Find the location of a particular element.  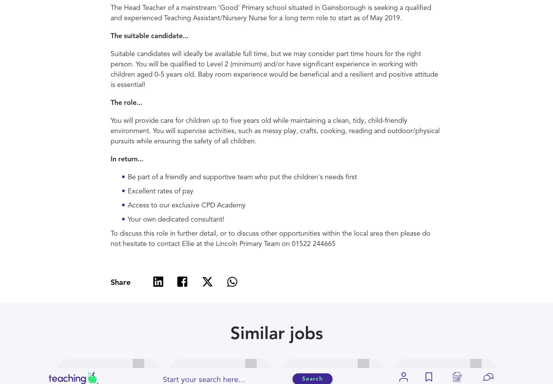

'Client Privacy Notice' is located at coordinates (310, 240).